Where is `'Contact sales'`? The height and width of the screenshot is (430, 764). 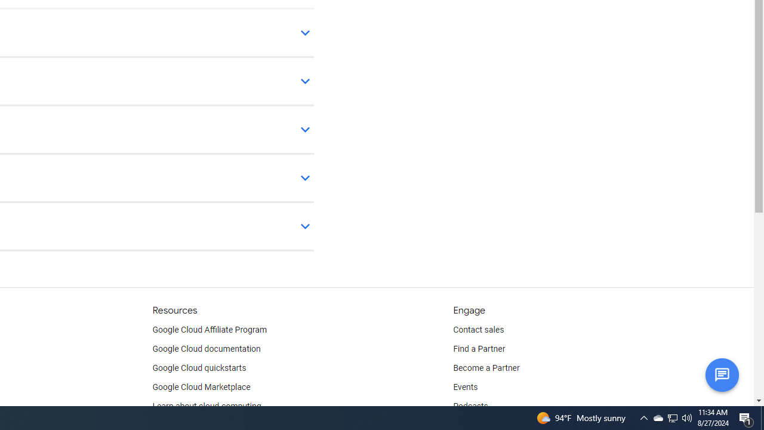
'Contact sales' is located at coordinates (478, 330).